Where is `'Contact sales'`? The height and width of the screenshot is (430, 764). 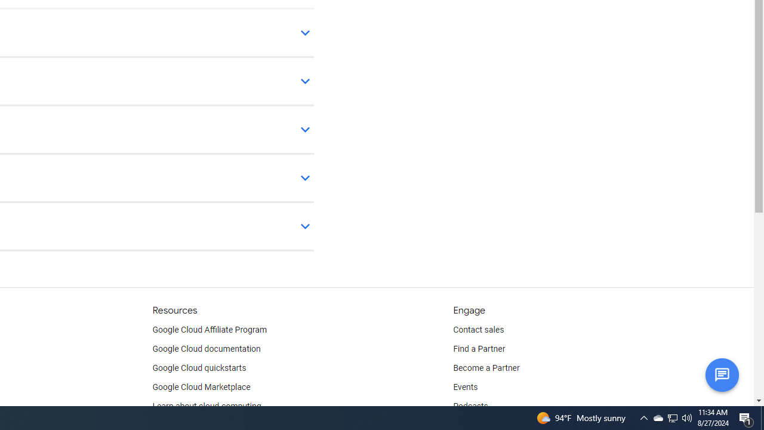
'Contact sales' is located at coordinates (478, 330).